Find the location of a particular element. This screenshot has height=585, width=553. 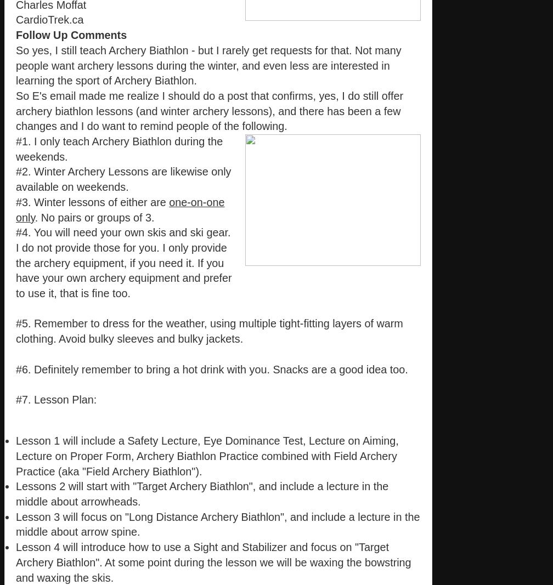

'Lesson 3 will focus on "Long Distance Archery Biathlon", and include a lecture in the middle about arrow spine.' is located at coordinates (217, 524).